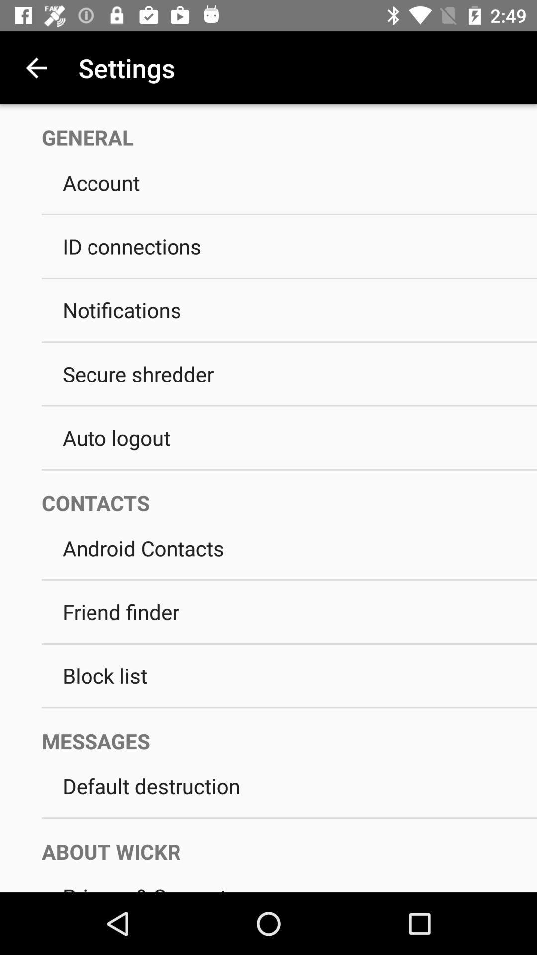 Image resolution: width=537 pixels, height=955 pixels. I want to click on the icon above secure shredder item, so click(289, 342).